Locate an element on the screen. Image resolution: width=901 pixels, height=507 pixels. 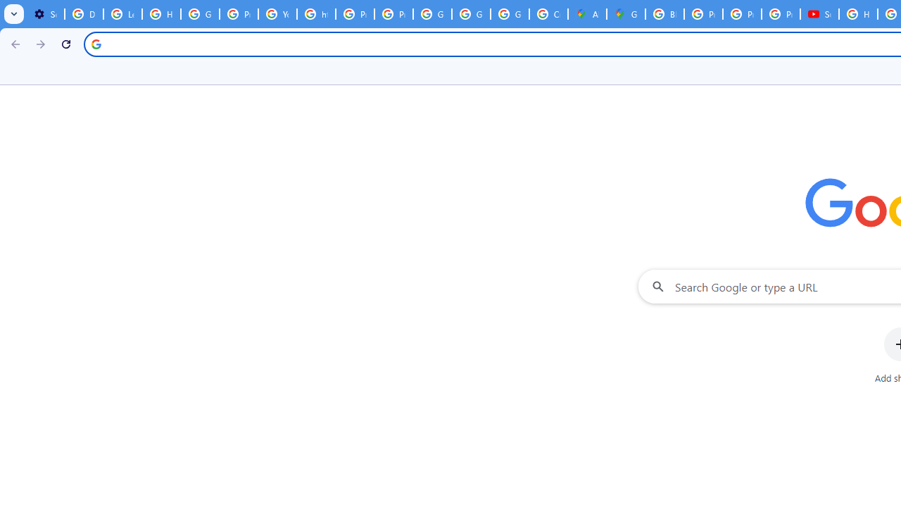
'YouTube' is located at coordinates (277, 14).